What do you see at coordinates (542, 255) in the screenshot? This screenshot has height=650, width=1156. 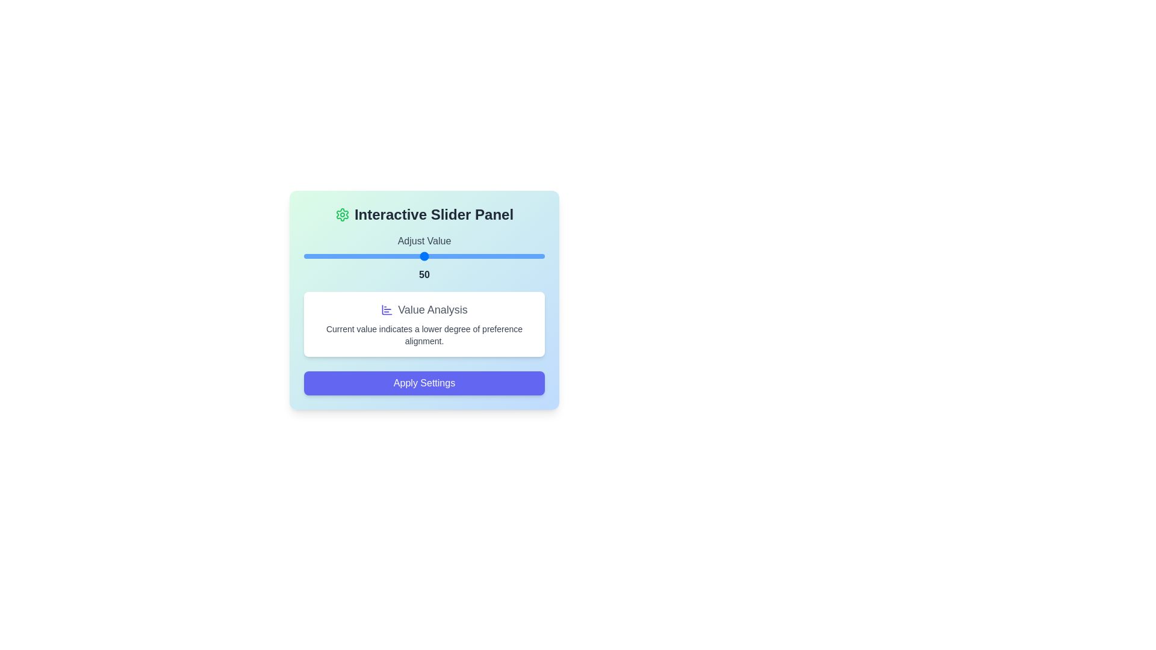 I see `the slider to set the value to 99` at bounding box center [542, 255].